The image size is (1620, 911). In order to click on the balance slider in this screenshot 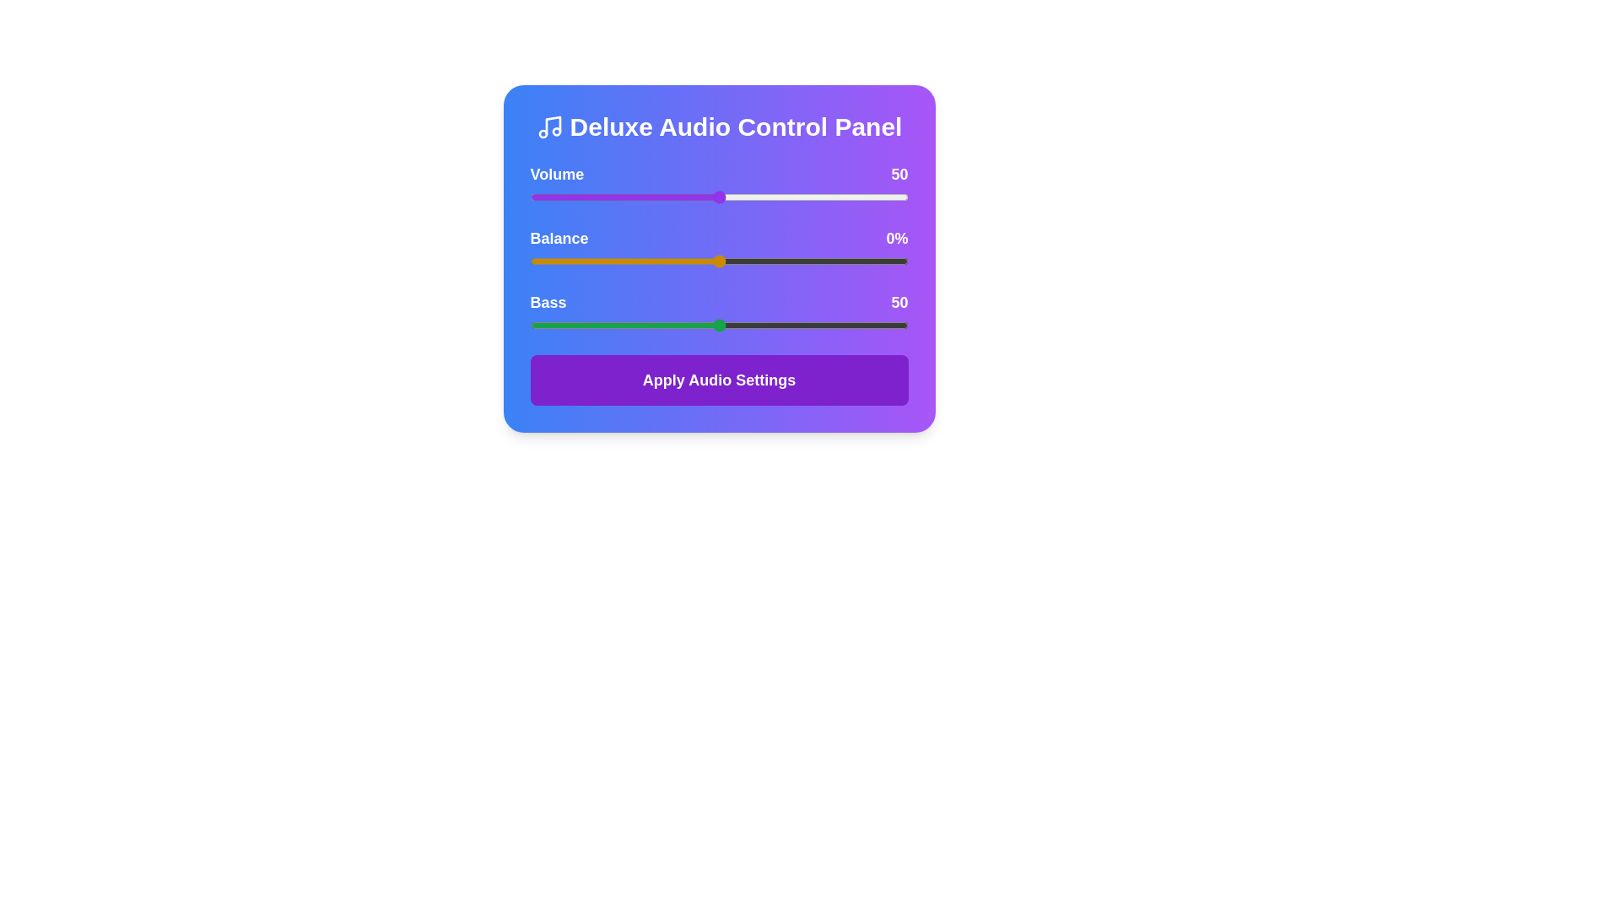, I will do `click(903, 261)`.